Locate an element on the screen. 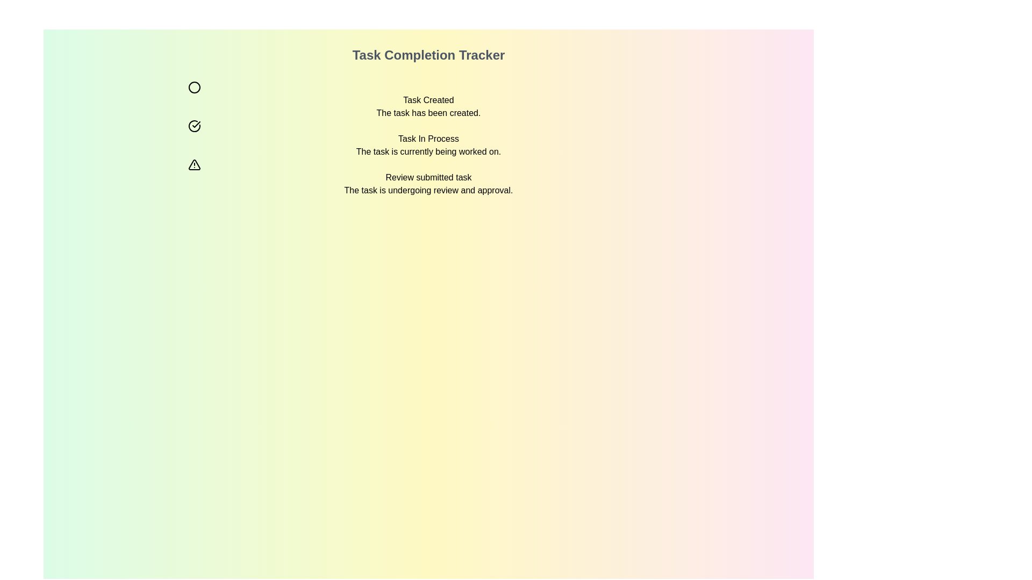  the hollow circle icon with a black stroke, located next to the 'Task Created' section header, which serves as a visual indicator for task status is located at coordinates (194, 86).